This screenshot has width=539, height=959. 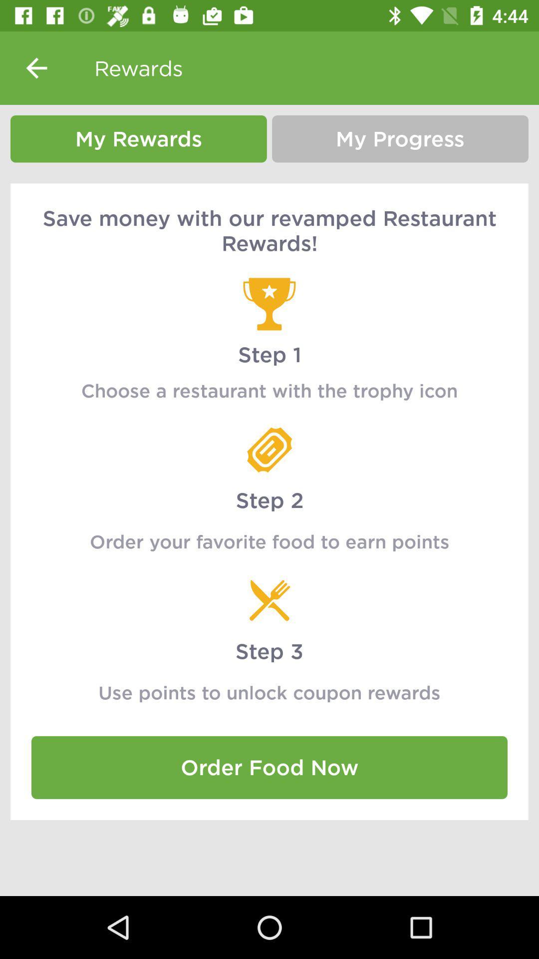 I want to click on the icon next to my progress icon, so click(x=138, y=138).